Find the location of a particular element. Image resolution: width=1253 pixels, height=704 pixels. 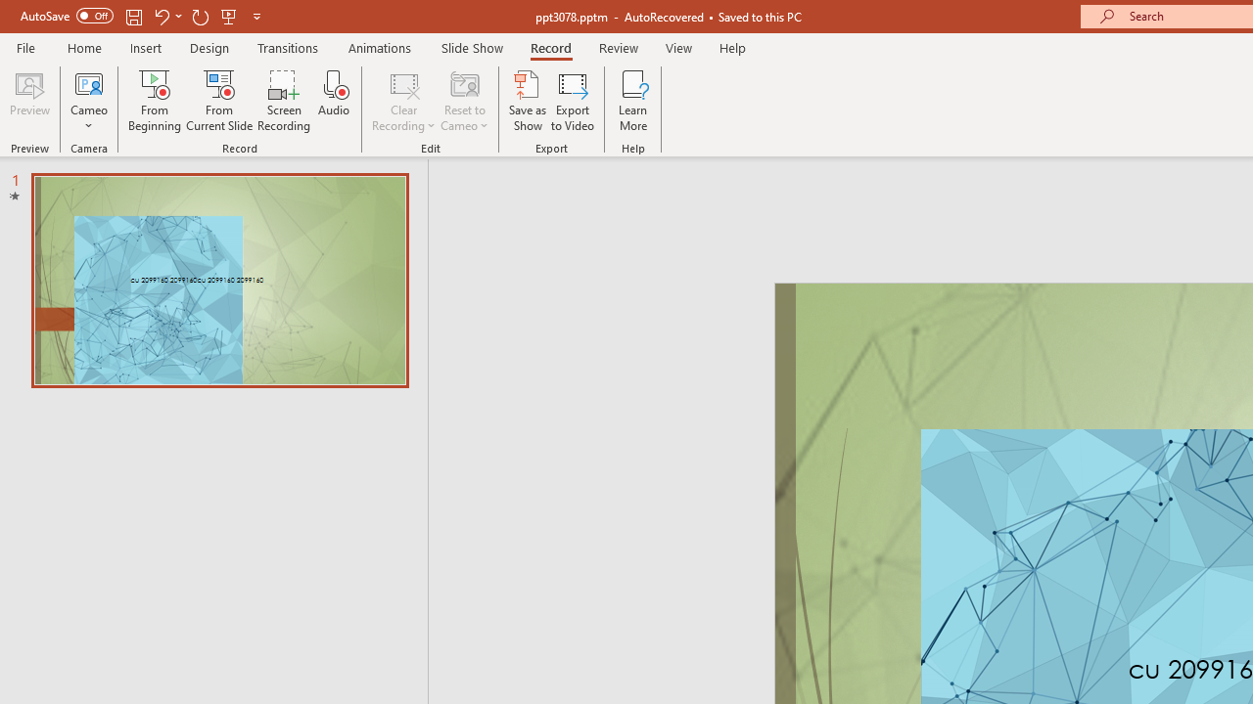

'Customize Quick Access Toolbar' is located at coordinates (256, 16).